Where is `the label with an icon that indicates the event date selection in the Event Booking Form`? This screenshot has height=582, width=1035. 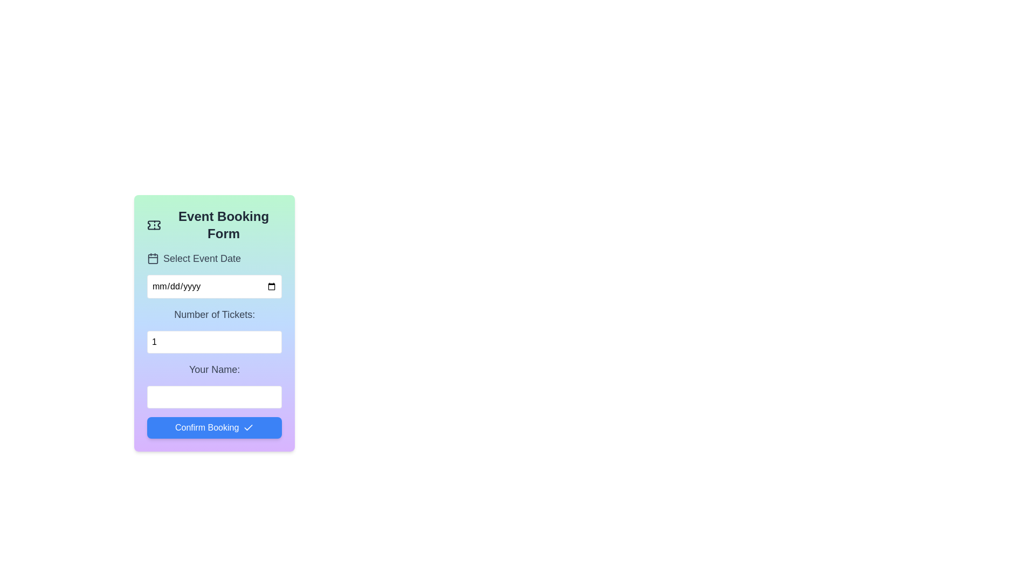
the label with an icon that indicates the event date selection in the Event Booking Form is located at coordinates (215, 258).